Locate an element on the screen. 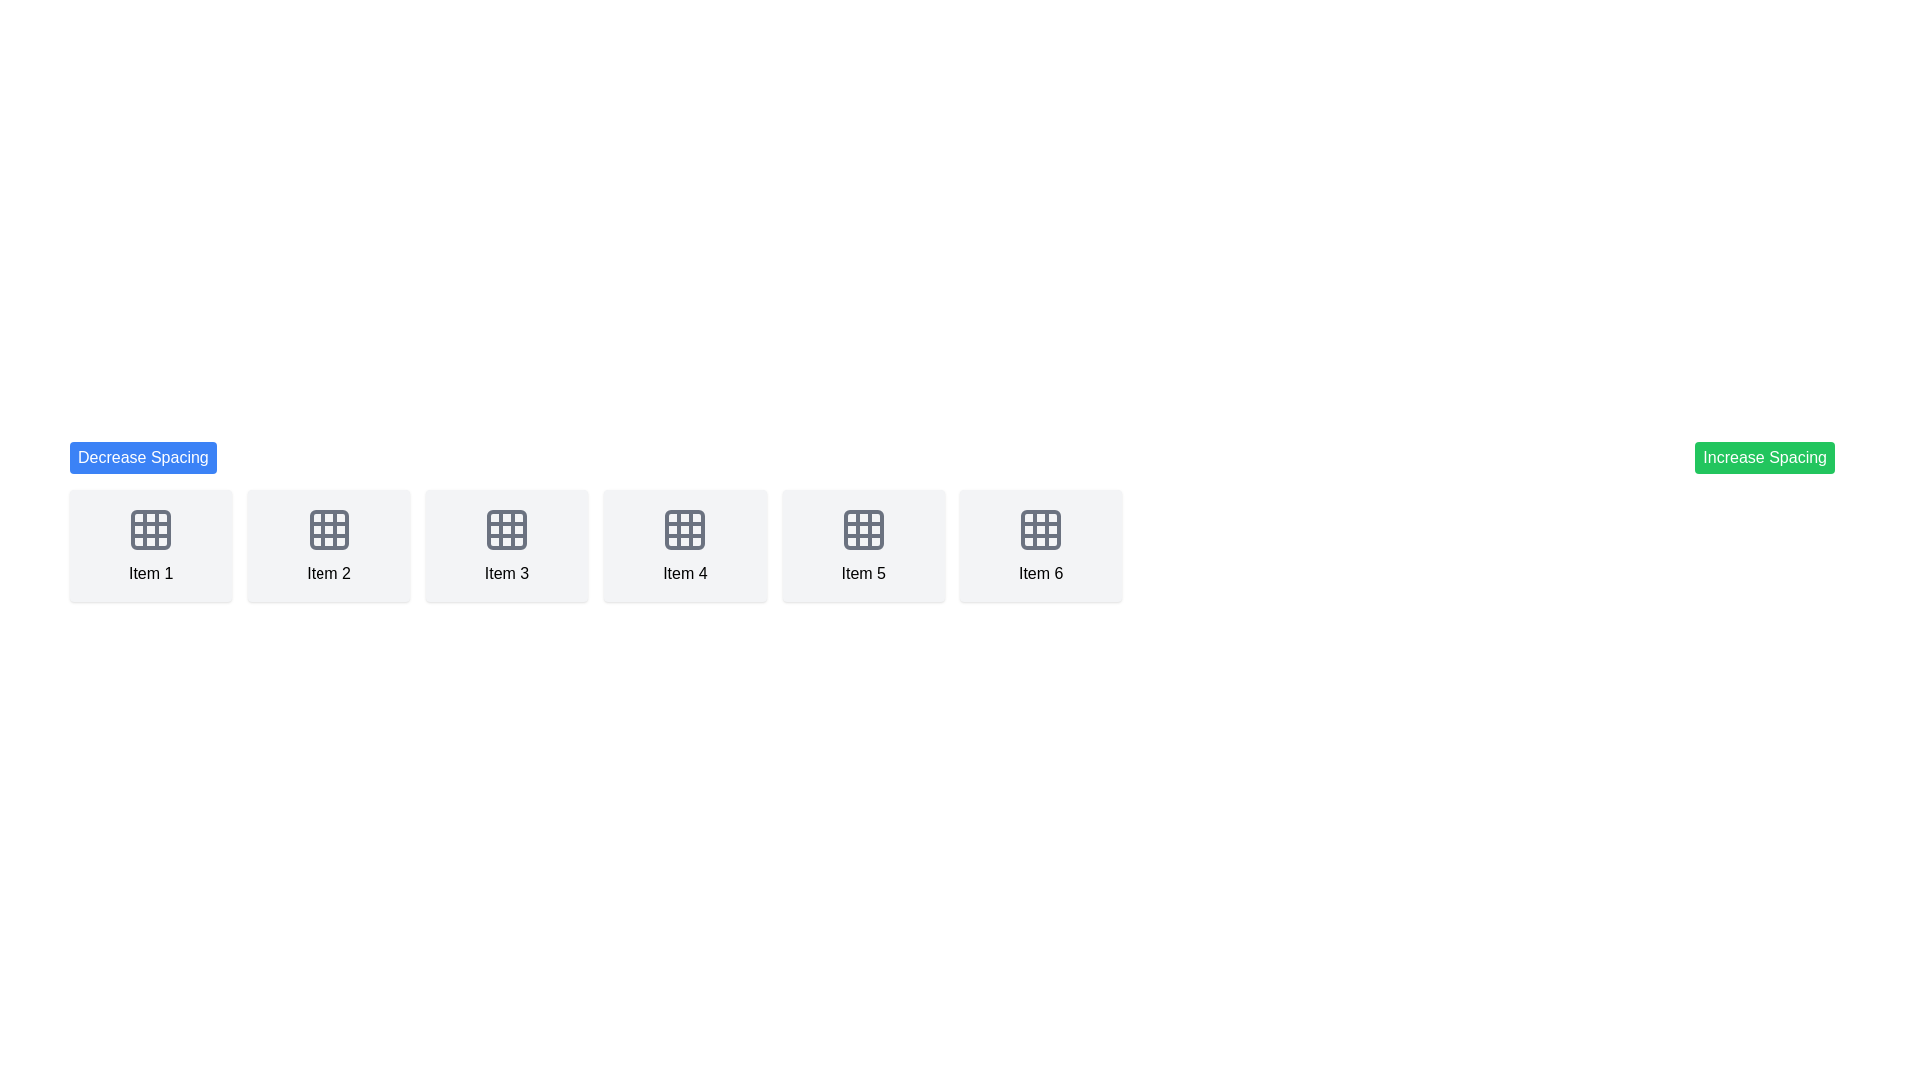 The width and height of the screenshot is (1917, 1078). the grid icon with a 3x3 pattern located in the second item of the horizontally aligned sequence labeled 'Item 2' is located at coordinates (328, 529).